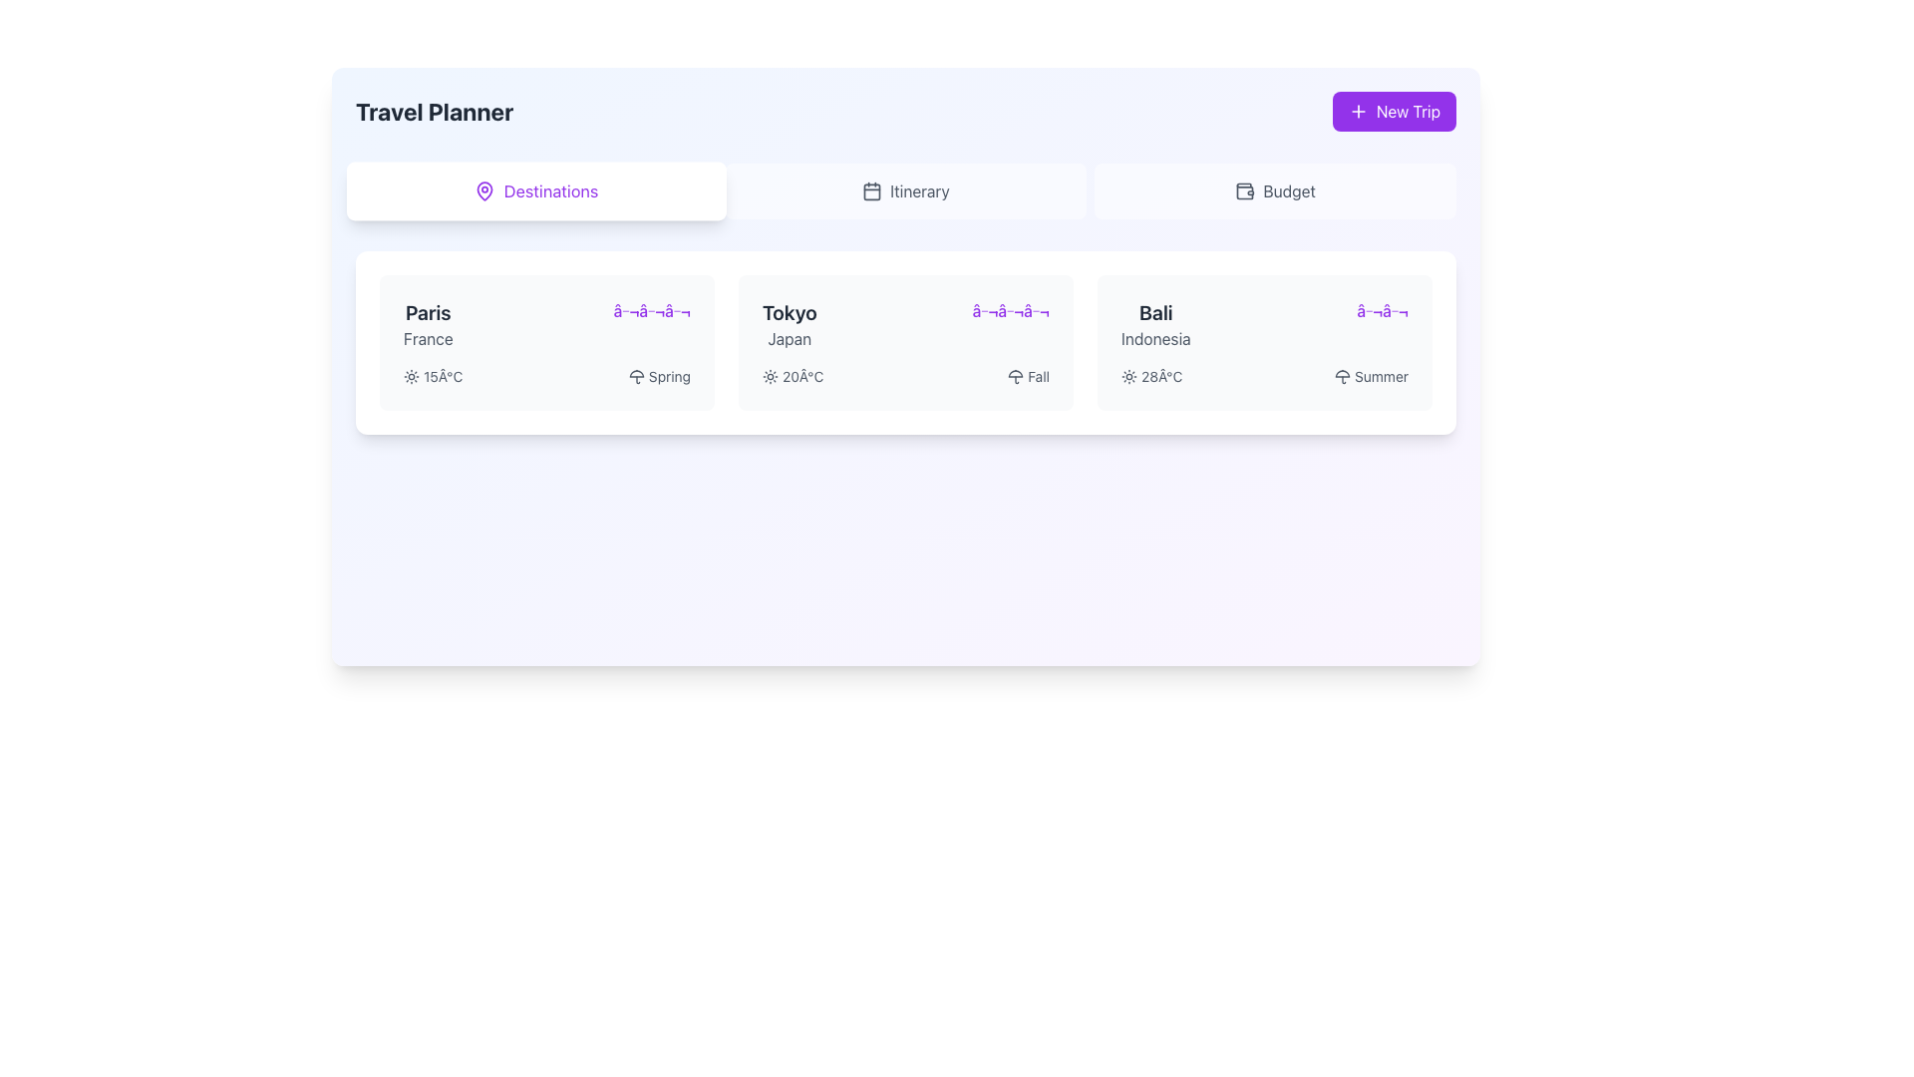  What do you see at coordinates (904, 191) in the screenshot?
I see `the 'Itinerary' tab button, which is the second button from the left in a horizontal row of three buttons` at bounding box center [904, 191].